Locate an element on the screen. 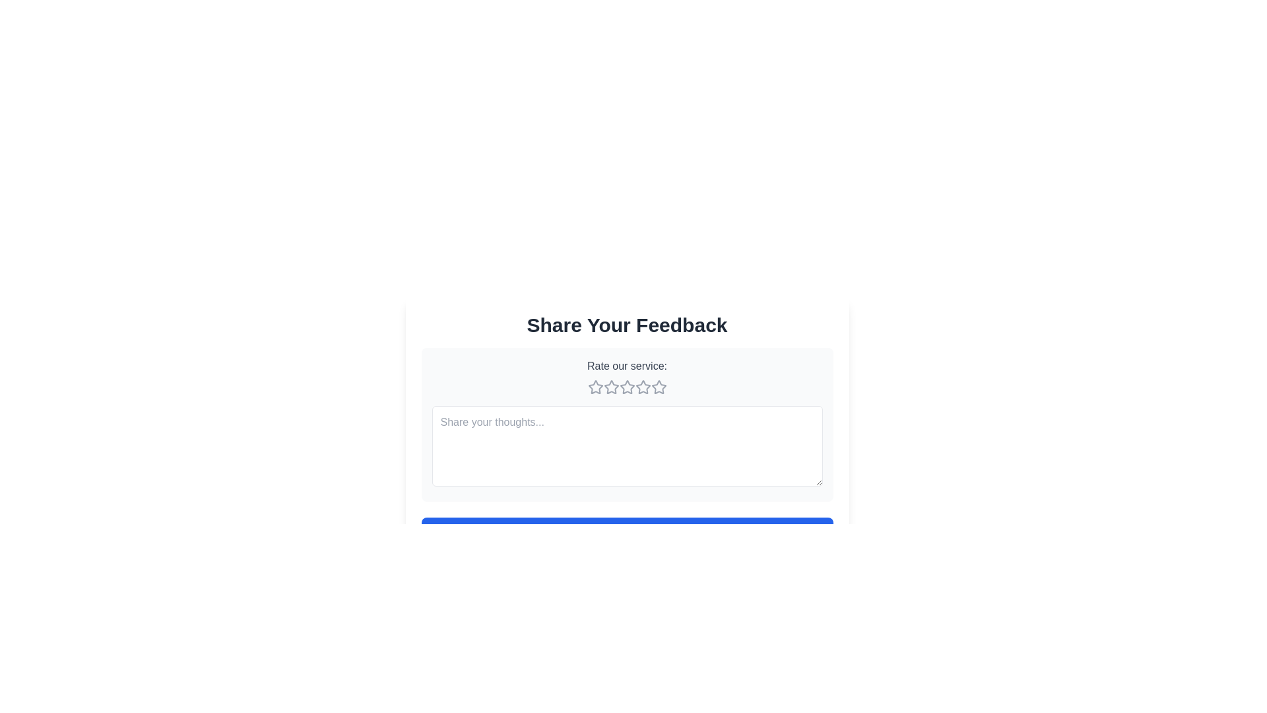 The height and width of the screenshot is (713, 1267). the 'Submit' button located at the bottom of the 'Share Your Feedback' section is located at coordinates (626, 535).